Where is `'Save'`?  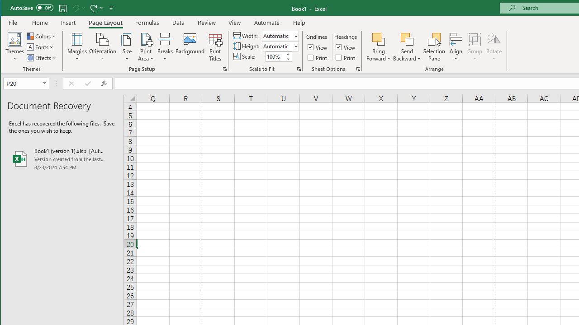 'Save' is located at coordinates (62, 8).